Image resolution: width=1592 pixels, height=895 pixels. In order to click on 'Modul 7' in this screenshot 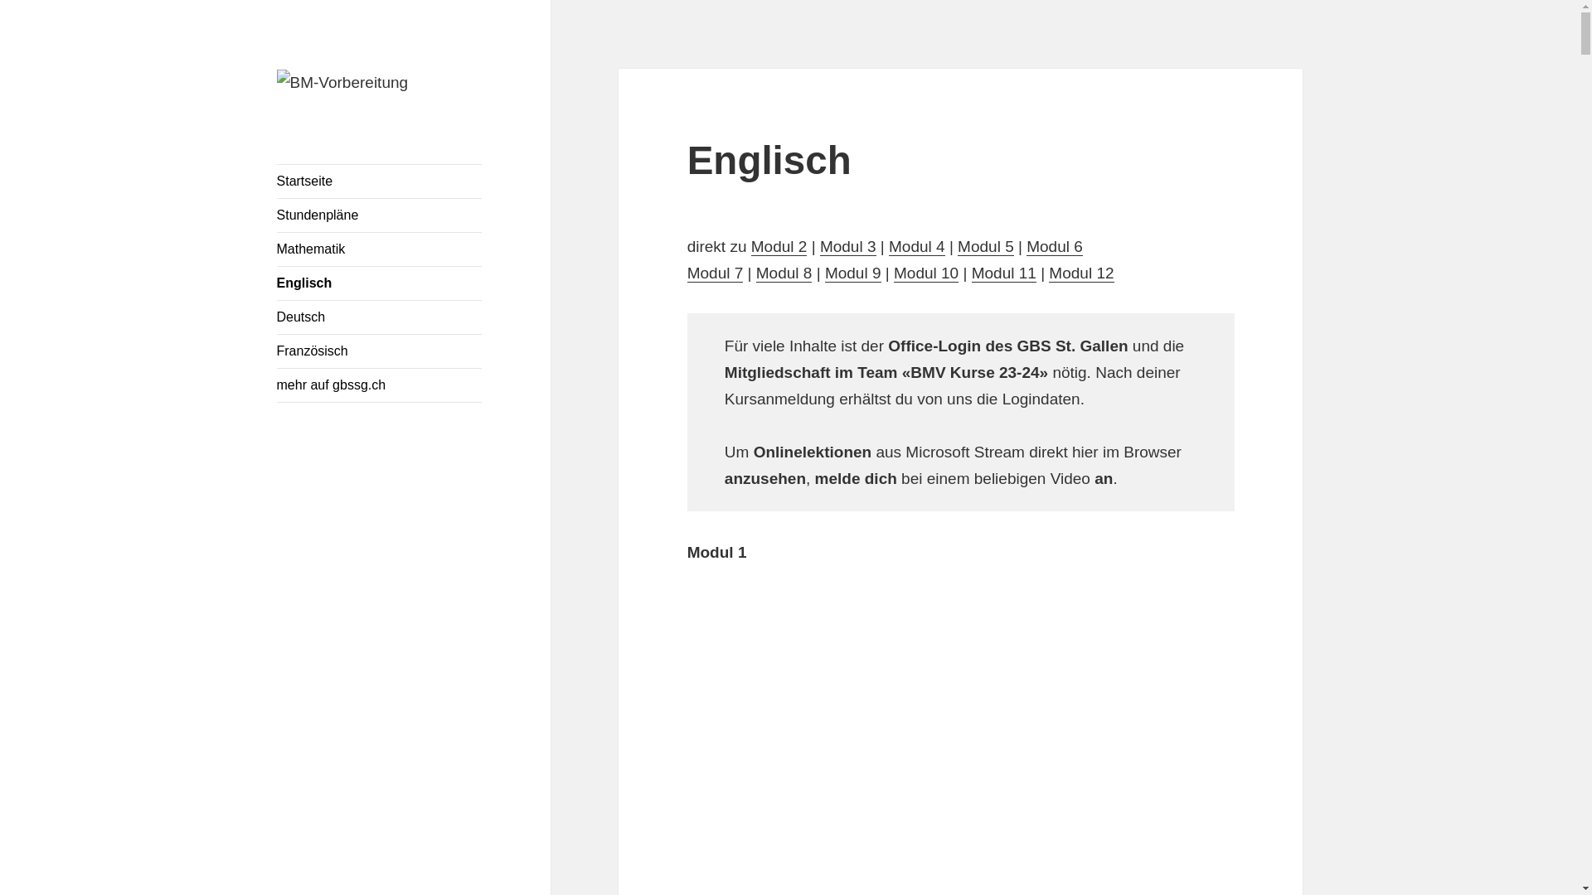, I will do `click(716, 273)`.